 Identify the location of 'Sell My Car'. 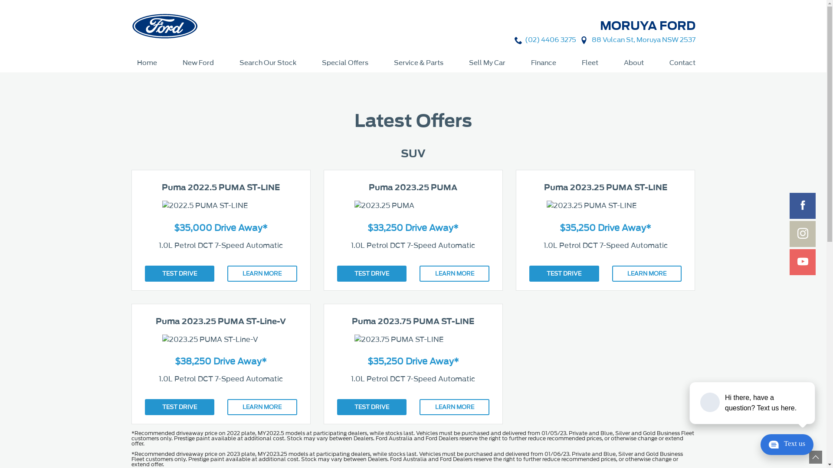
(487, 62).